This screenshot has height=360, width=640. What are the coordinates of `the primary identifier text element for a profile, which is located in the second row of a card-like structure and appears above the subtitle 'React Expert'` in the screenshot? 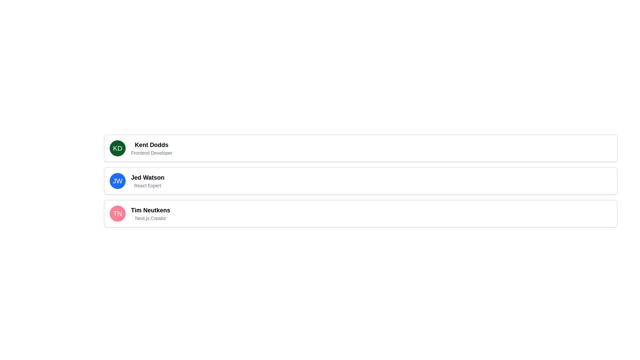 It's located at (147, 177).